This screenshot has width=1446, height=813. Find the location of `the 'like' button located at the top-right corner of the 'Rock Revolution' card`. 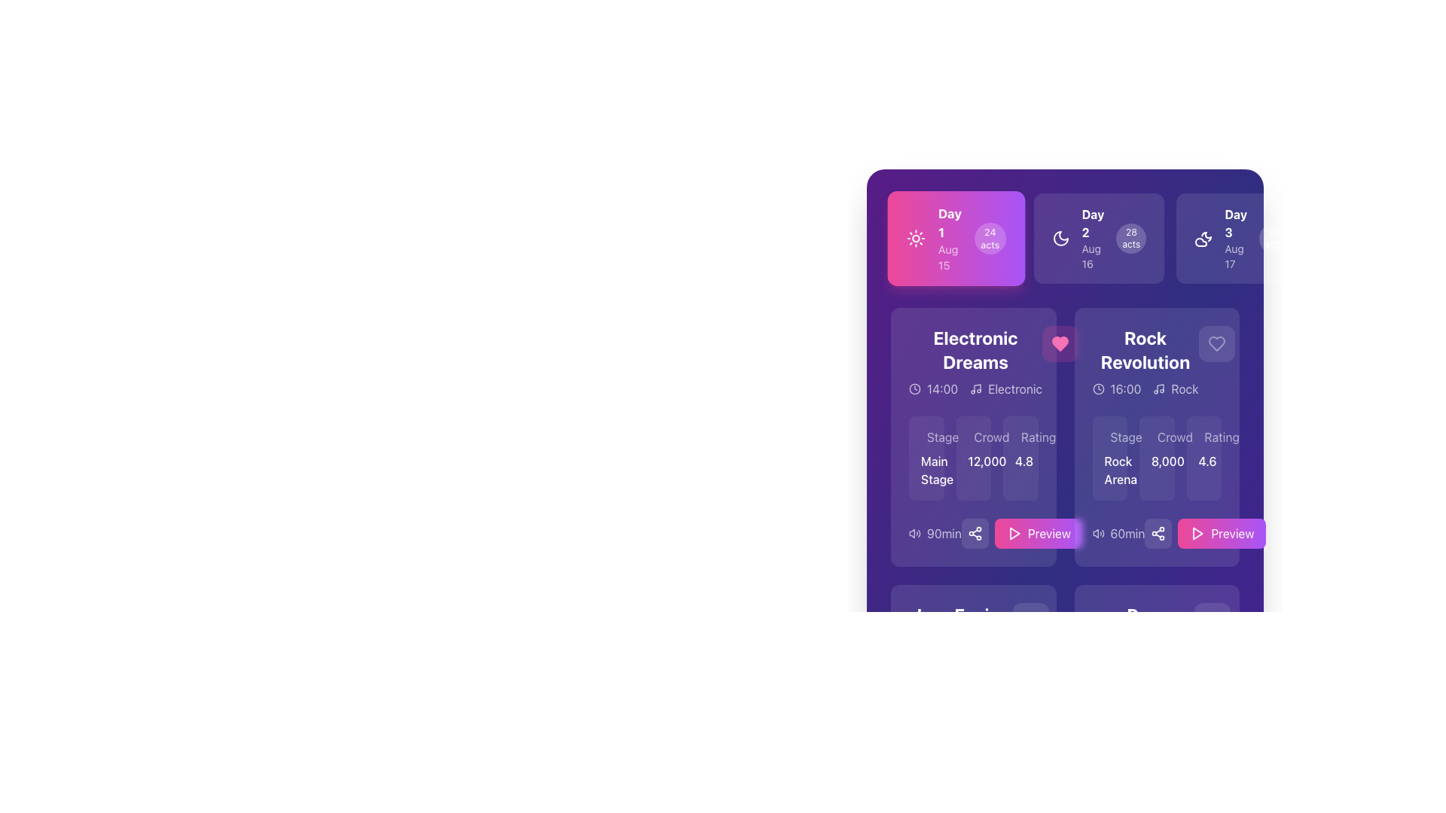

the 'like' button located at the top-right corner of the 'Rock Revolution' card is located at coordinates (1216, 343).